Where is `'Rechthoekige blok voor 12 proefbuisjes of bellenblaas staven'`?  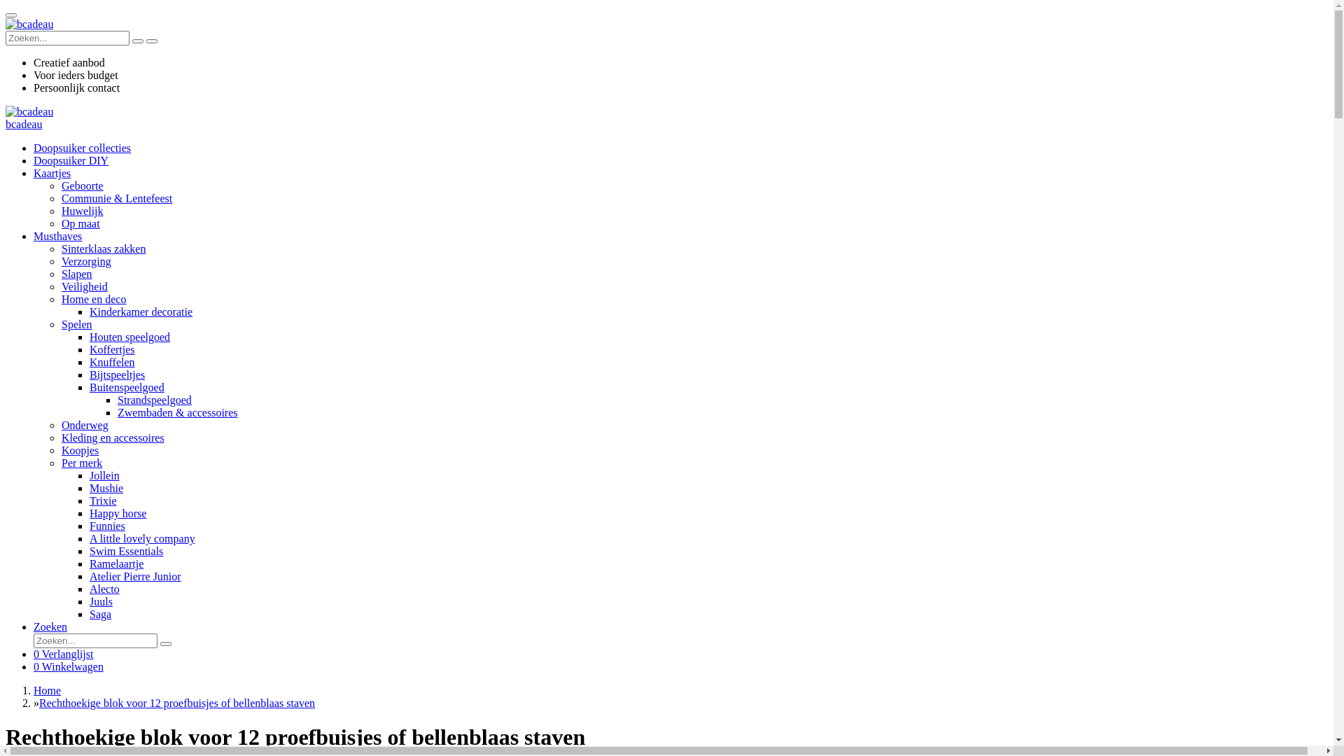 'Rechthoekige blok voor 12 proefbuisjes of bellenblaas staven' is located at coordinates (176, 703).